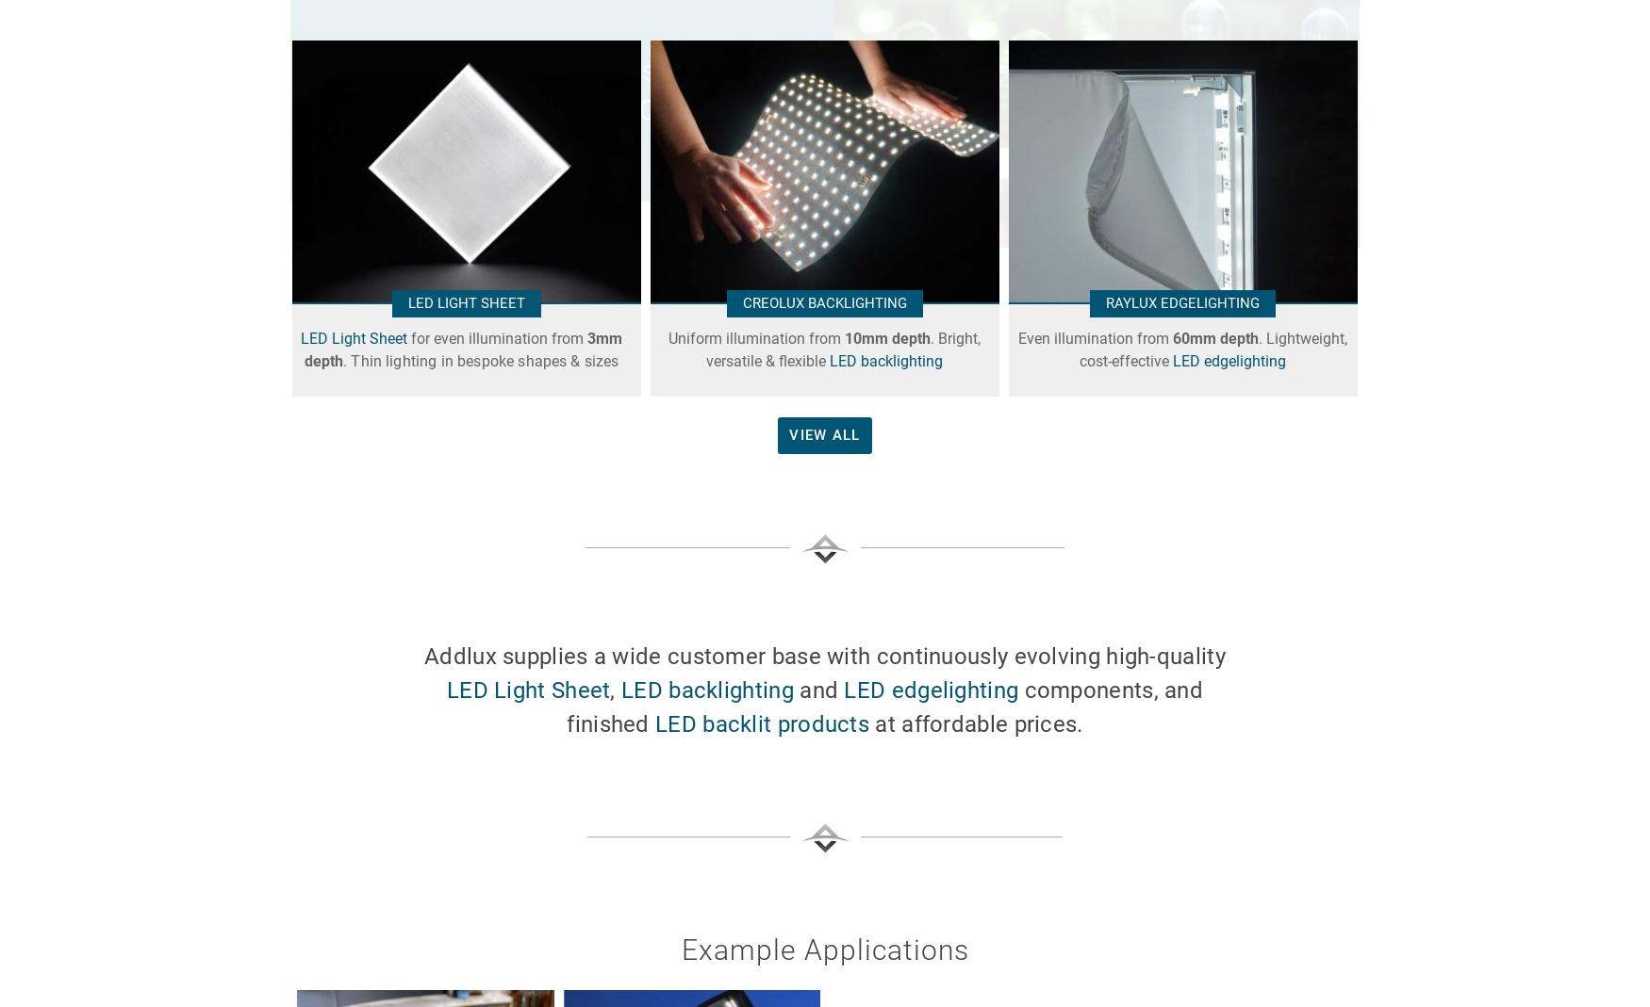  What do you see at coordinates (1095, 338) in the screenshot?
I see `'Even illumination from'` at bounding box center [1095, 338].